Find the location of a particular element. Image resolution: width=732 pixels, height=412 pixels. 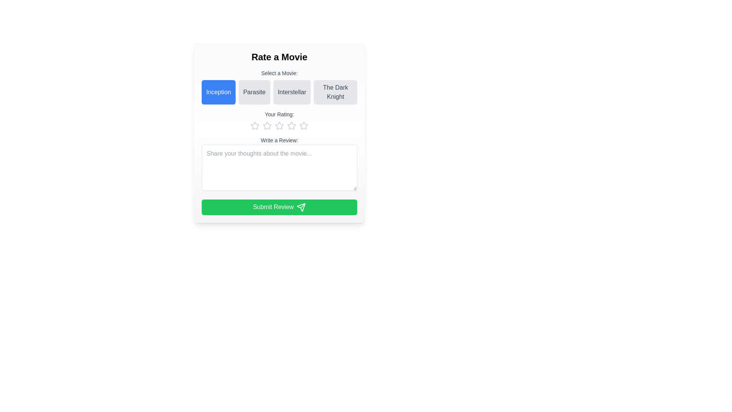

the blue button labeled 'Inception' is located at coordinates (218, 92).